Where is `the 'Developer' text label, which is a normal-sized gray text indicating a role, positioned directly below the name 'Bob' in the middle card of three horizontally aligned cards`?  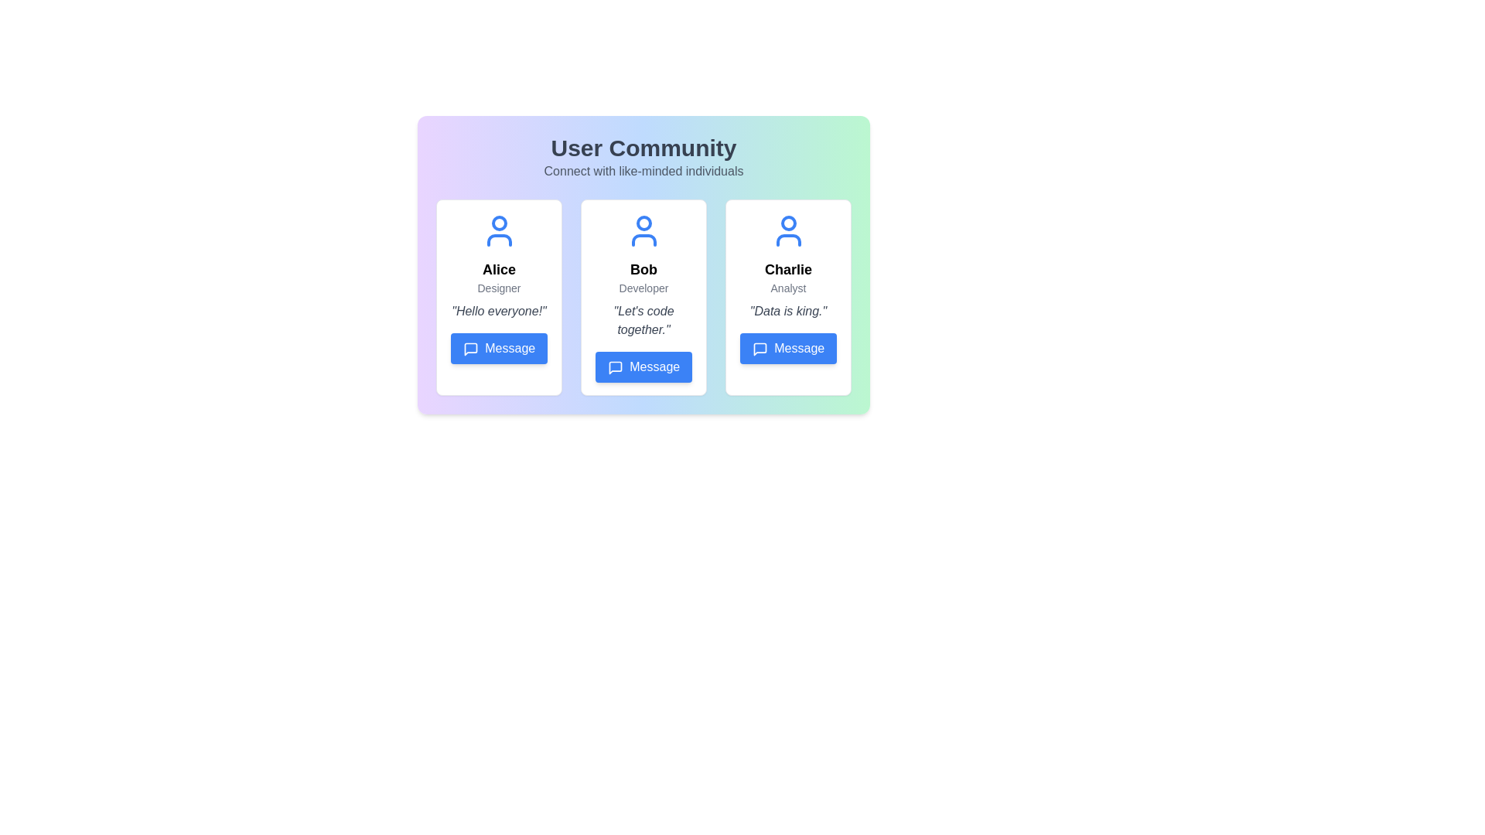 the 'Developer' text label, which is a normal-sized gray text indicating a role, positioned directly below the name 'Bob' in the middle card of three horizontally aligned cards is located at coordinates (643, 288).